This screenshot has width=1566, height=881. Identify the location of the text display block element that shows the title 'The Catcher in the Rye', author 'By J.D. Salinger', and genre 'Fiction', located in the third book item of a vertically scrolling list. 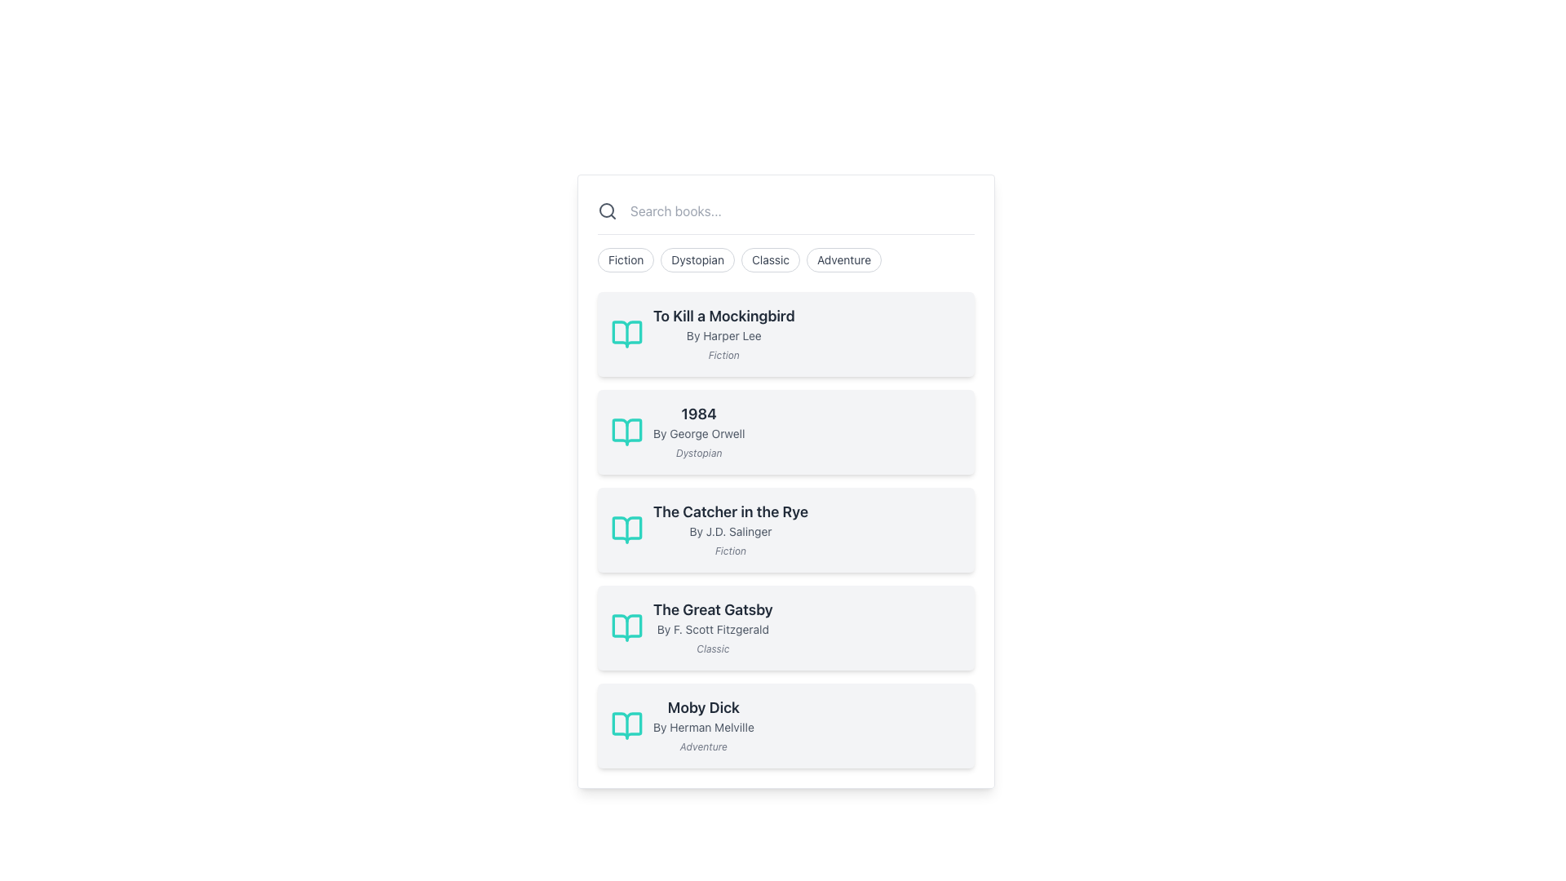
(730, 530).